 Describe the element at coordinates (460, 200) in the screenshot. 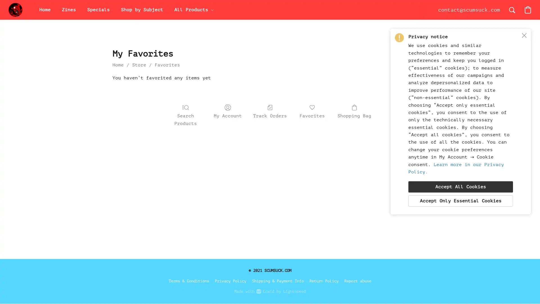

I see `Accept Only Essential Cookies` at that location.